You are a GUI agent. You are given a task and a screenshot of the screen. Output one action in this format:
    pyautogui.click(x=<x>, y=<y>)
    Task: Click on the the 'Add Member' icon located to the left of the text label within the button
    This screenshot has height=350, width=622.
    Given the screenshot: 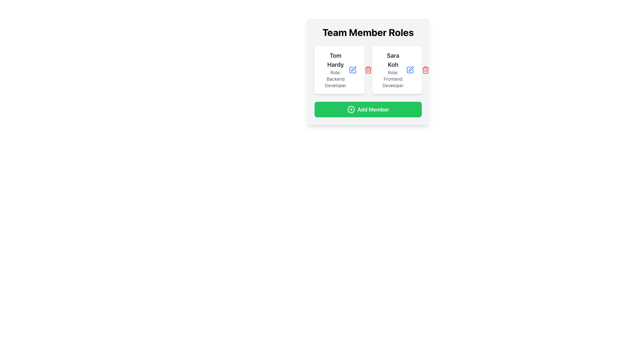 What is the action you would take?
    pyautogui.click(x=351, y=109)
    